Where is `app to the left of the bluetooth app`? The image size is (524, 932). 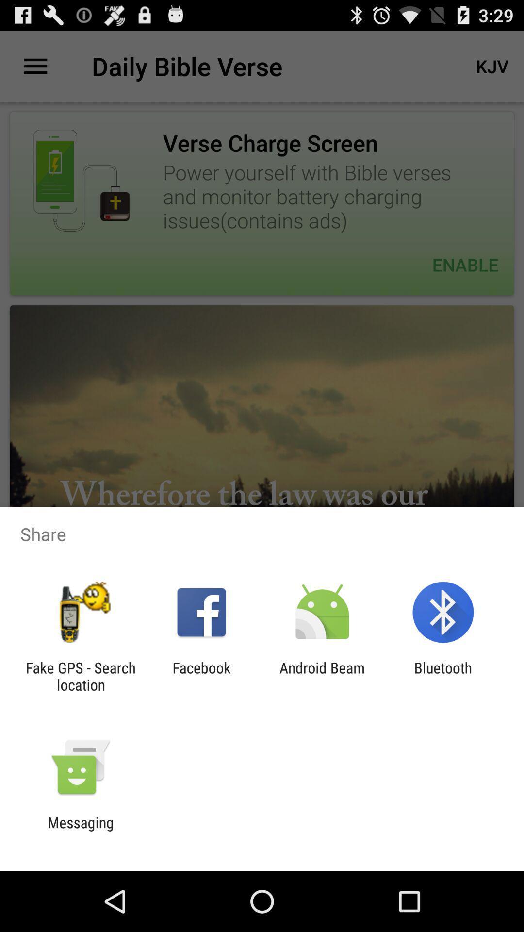 app to the left of the bluetooth app is located at coordinates (322, 676).